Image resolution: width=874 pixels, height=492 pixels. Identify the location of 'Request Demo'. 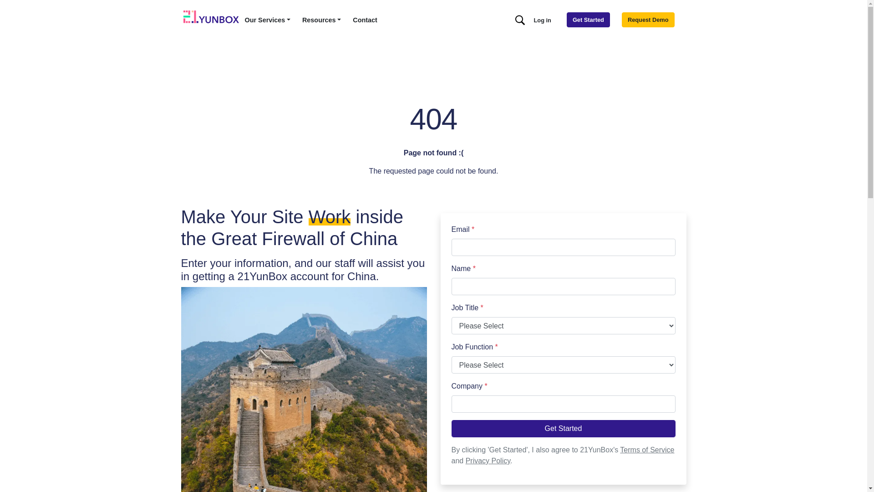
(648, 20).